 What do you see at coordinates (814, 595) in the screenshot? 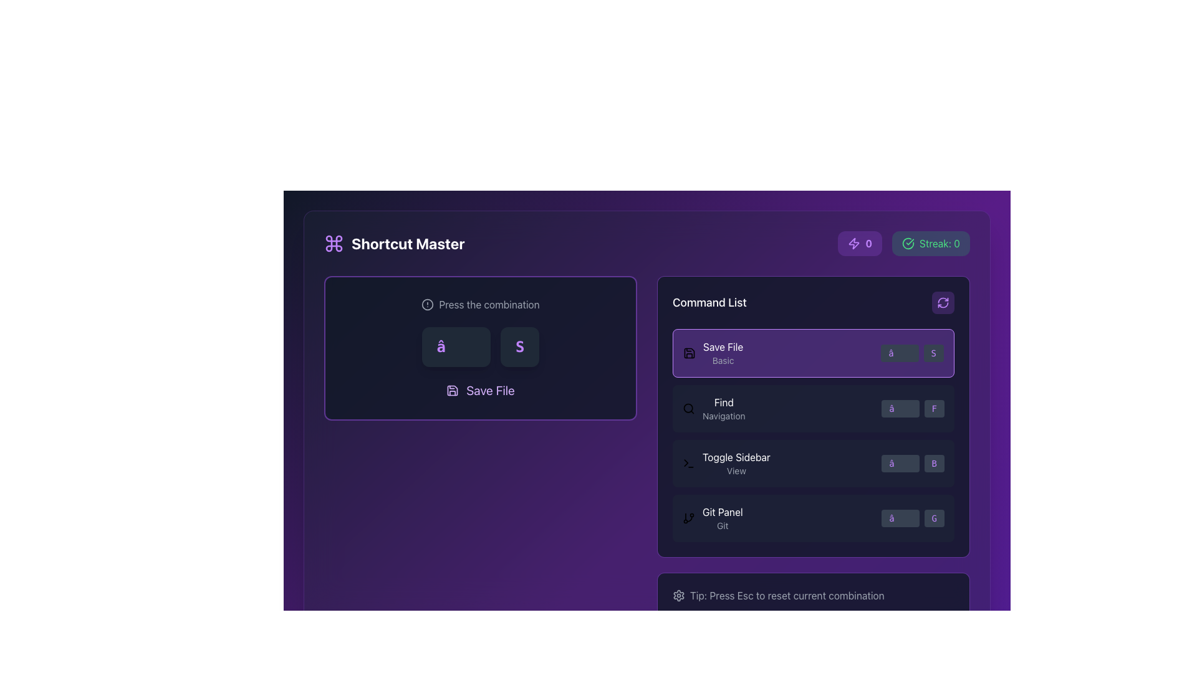
I see `the text label component displaying 'Tip: Press Esc to reset current combination', which is located at the bottom-center of the interface and is accompanied by a gear icon` at bounding box center [814, 595].